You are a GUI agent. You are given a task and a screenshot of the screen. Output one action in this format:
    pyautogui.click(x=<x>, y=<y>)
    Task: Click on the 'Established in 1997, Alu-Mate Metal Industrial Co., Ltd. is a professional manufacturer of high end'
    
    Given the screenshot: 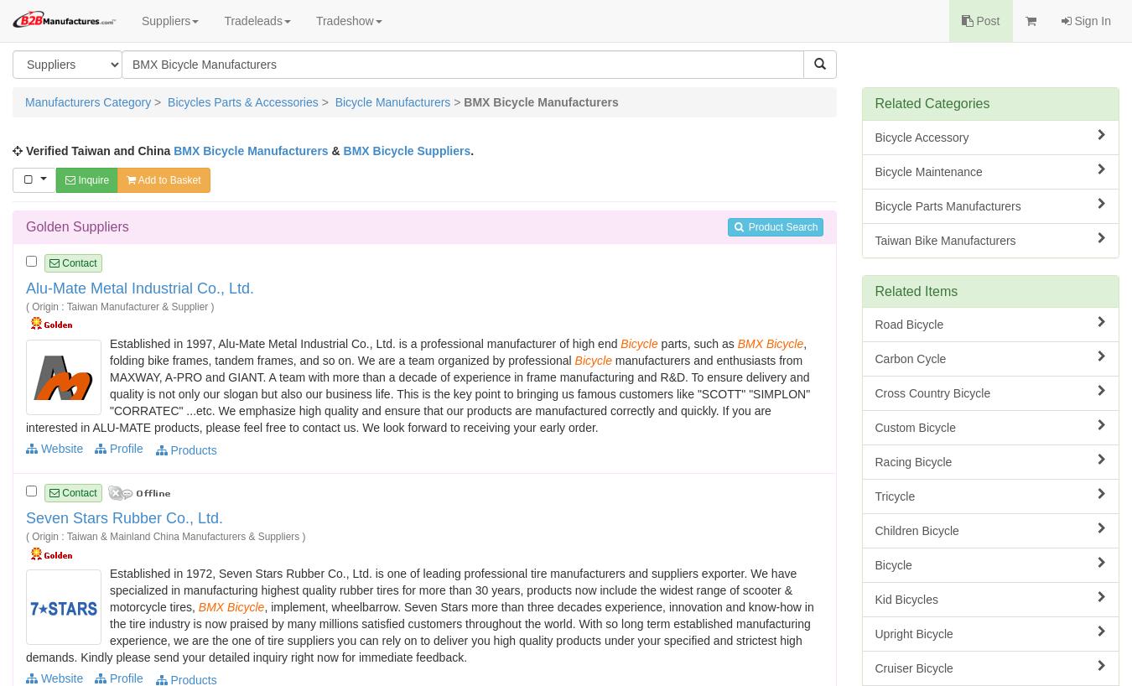 What is the action you would take?
    pyautogui.click(x=365, y=343)
    